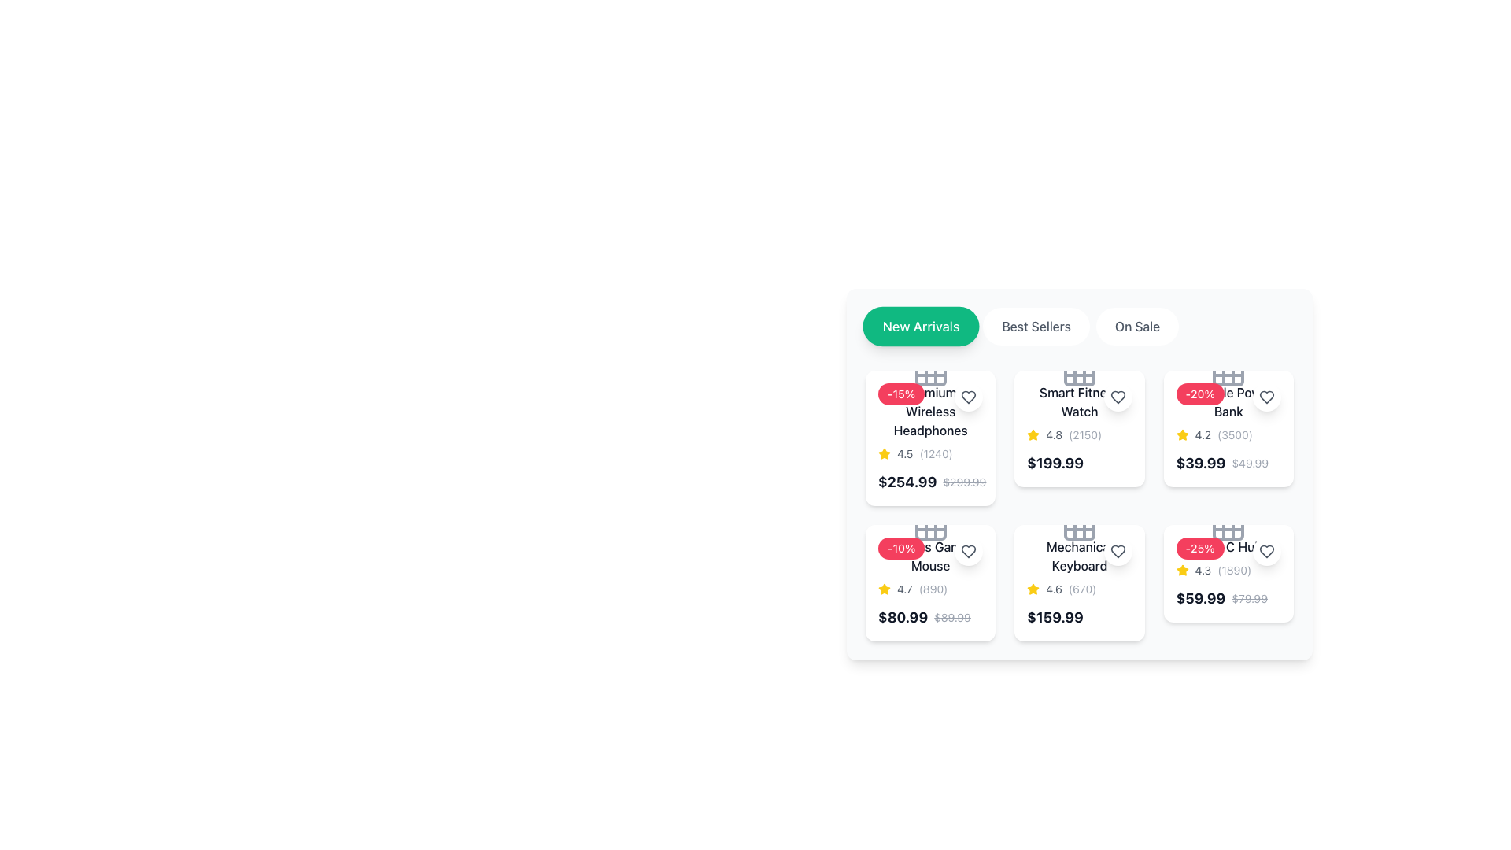 This screenshot has height=850, width=1511. Describe the element at coordinates (1266, 551) in the screenshot. I see `the heart icon button located in the top-right corner of the product card for 'Wireless Headphones'` at that location.